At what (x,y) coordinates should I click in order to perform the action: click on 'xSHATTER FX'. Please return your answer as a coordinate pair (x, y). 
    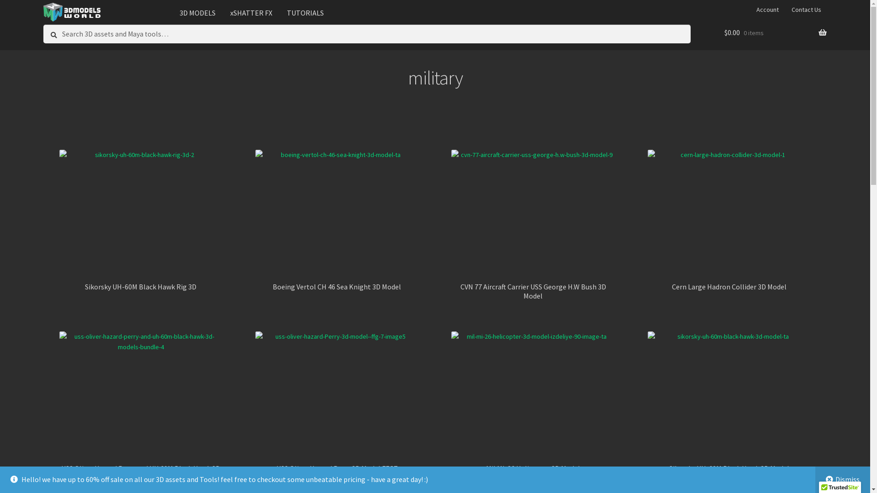
    Looking at the image, I should click on (251, 13).